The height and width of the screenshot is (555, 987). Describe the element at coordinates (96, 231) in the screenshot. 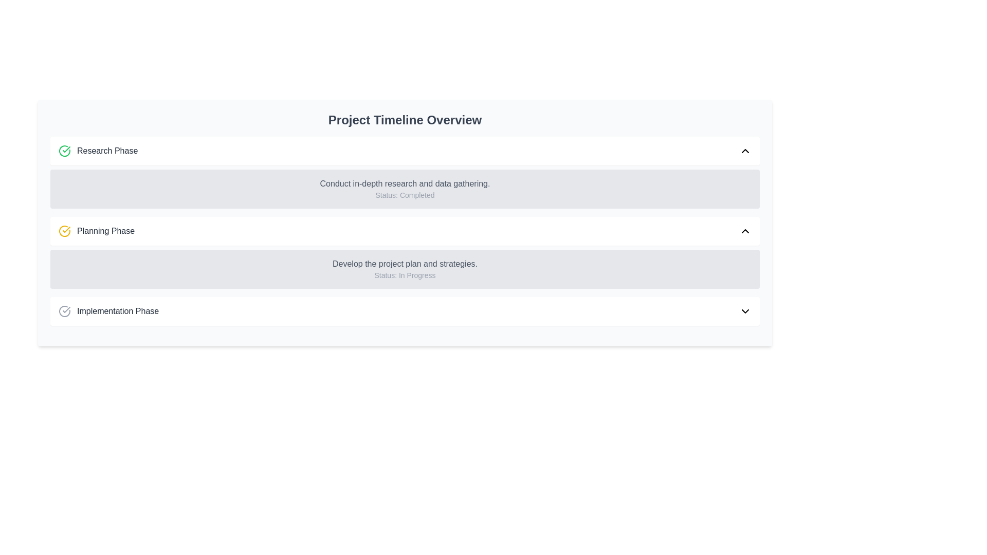

I see `text content of the 'Planning Phase' label with icon located in the second row of the 'Project Timeline Overview' section, positioned between 'Research Phase' and 'Implementation Phase'` at that location.